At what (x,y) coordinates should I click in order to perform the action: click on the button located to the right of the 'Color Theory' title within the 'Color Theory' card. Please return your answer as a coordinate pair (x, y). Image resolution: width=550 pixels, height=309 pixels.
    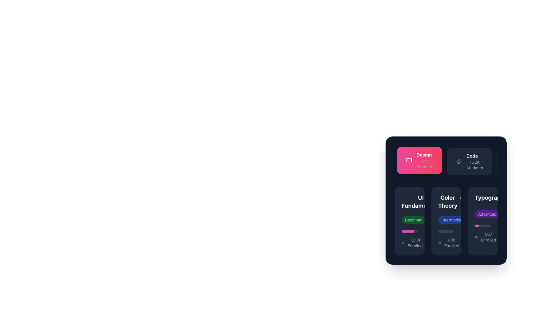
    Looking at the image, I should click on (462, 198).